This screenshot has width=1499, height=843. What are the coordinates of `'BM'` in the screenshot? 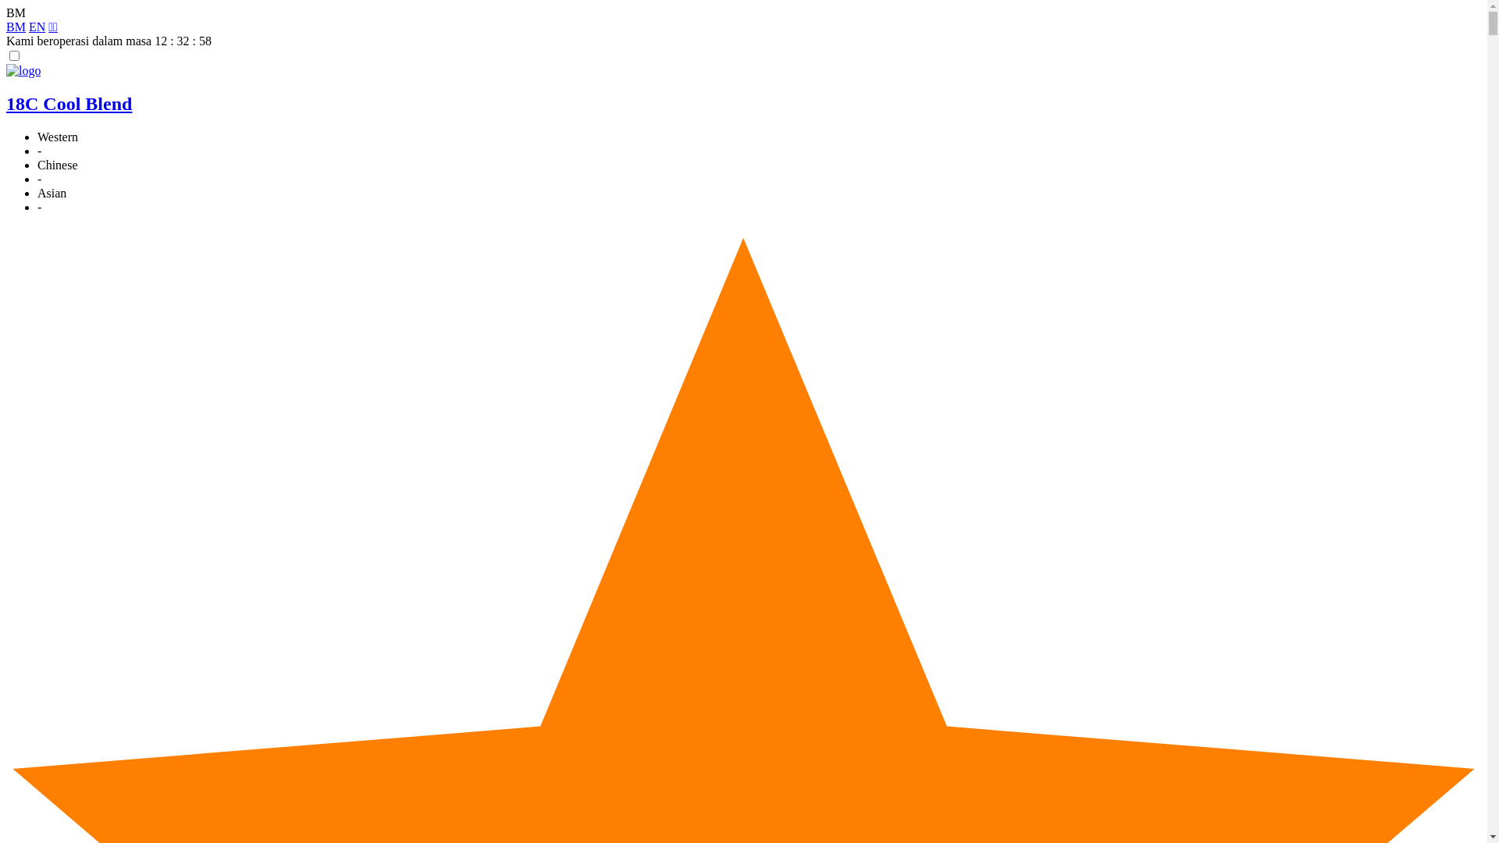 It's located at (16, 27).